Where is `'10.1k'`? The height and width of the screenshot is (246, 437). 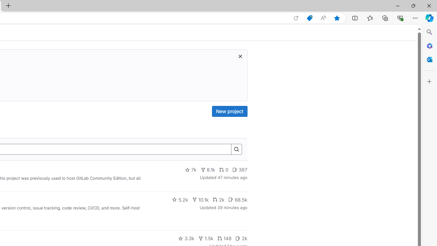 '10.1k' is located at coordinates (200, 199).